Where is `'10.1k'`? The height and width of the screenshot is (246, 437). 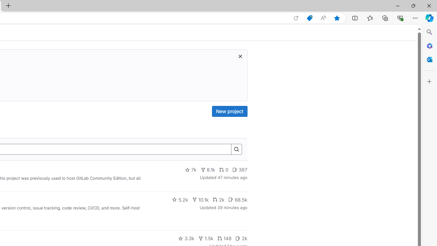 '10.1k' is located at coordinates (200, 199).